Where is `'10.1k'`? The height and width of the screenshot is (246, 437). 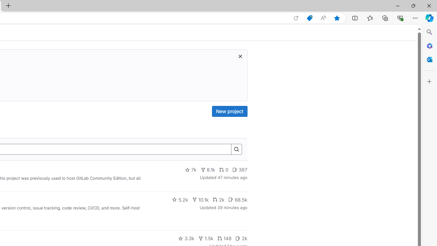 '10.1k' is located at coordinates (200, 199).